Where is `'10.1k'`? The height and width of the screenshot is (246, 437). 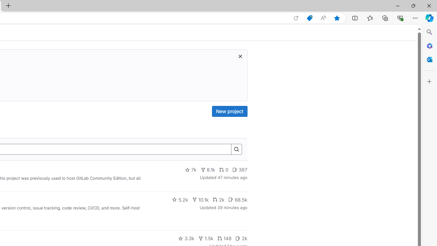 '10.1k' is located at coordinates (200, 199).